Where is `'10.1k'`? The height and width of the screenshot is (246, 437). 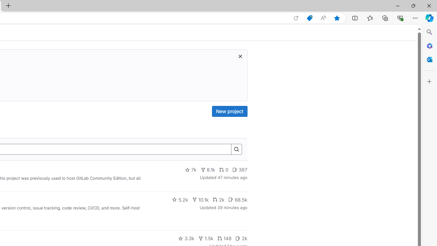 '10.1k' is located at coordinates (200, 199).